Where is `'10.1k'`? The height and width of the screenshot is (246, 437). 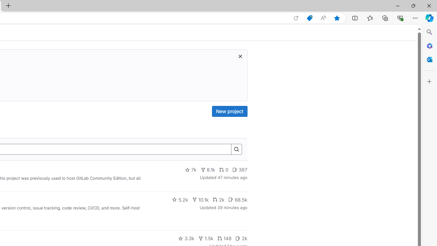 '10.1k' is located at coordinates (200, 199).